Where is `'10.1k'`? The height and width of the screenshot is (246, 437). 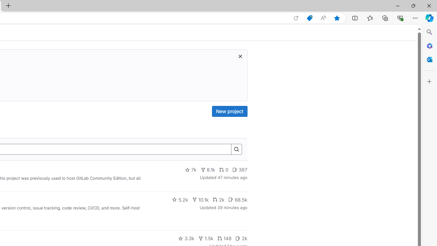 '10.1k' is located at coordinates (200, 199).